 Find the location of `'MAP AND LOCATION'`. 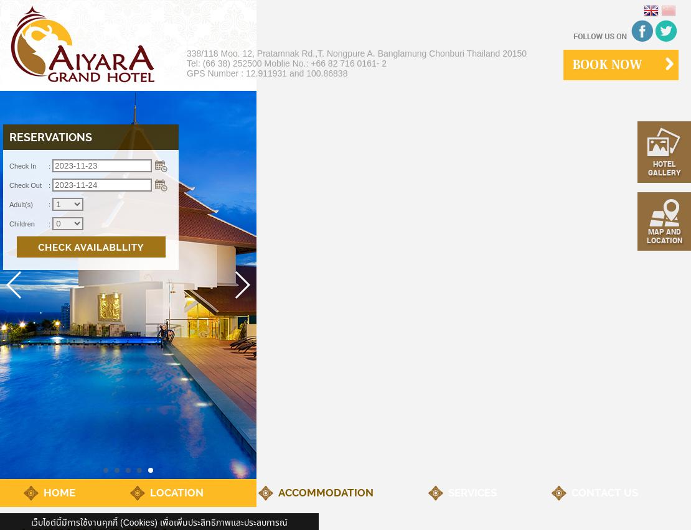

'MAP AND LOCATION' is located at coordinates (663, 235).